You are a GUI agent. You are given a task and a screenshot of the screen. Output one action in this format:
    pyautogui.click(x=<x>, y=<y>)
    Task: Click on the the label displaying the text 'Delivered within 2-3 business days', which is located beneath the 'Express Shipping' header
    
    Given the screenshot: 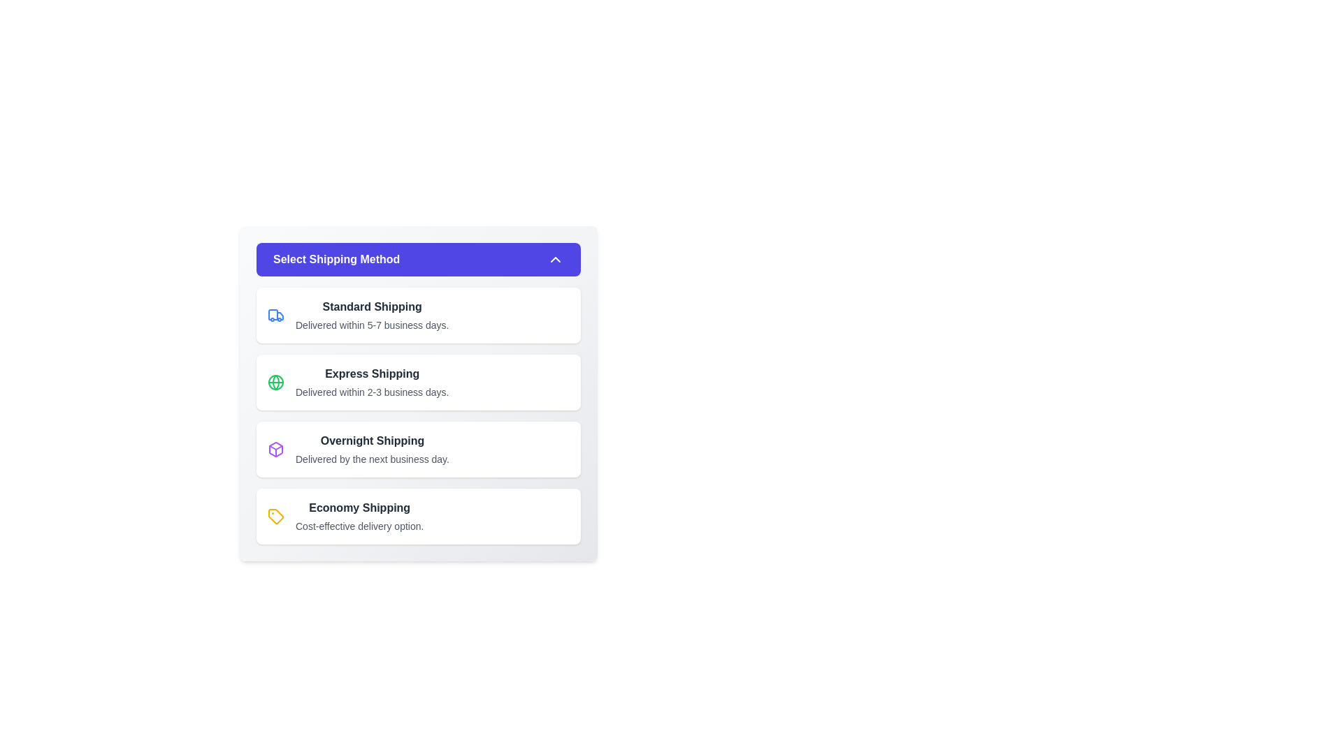 What is the action you would take?
    pyautogui.click(x=372, y=392)
    